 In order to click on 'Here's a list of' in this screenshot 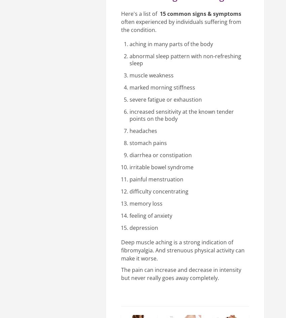, I will do `click(140, 14)`.